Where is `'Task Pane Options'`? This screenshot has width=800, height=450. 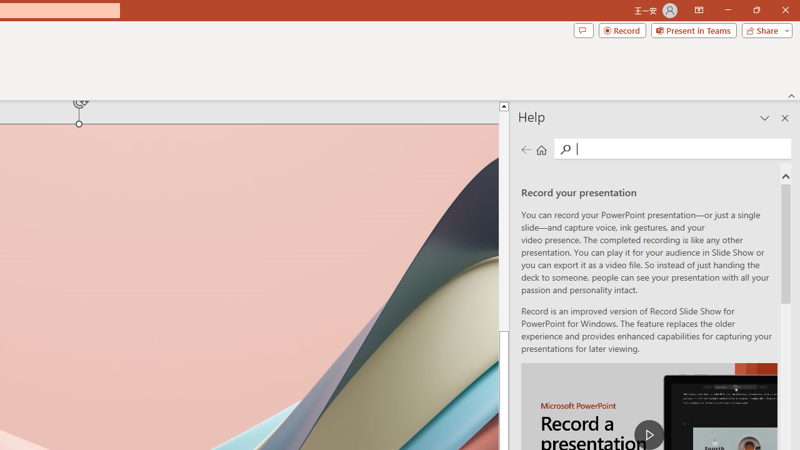 'Task Pane Options' is located at coordinates (764, 118).